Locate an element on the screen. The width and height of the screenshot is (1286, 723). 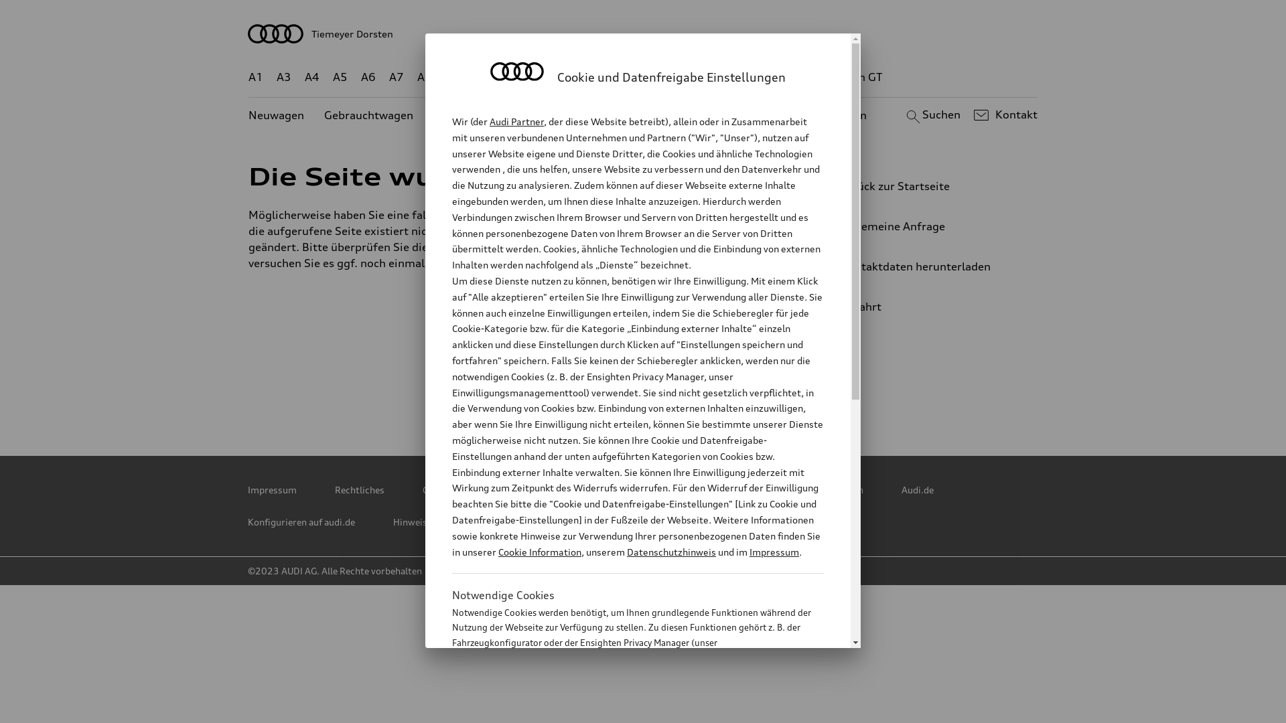
'Cookie und Datenfreigabe Einstellungen' is located at coordinates (778, 490).